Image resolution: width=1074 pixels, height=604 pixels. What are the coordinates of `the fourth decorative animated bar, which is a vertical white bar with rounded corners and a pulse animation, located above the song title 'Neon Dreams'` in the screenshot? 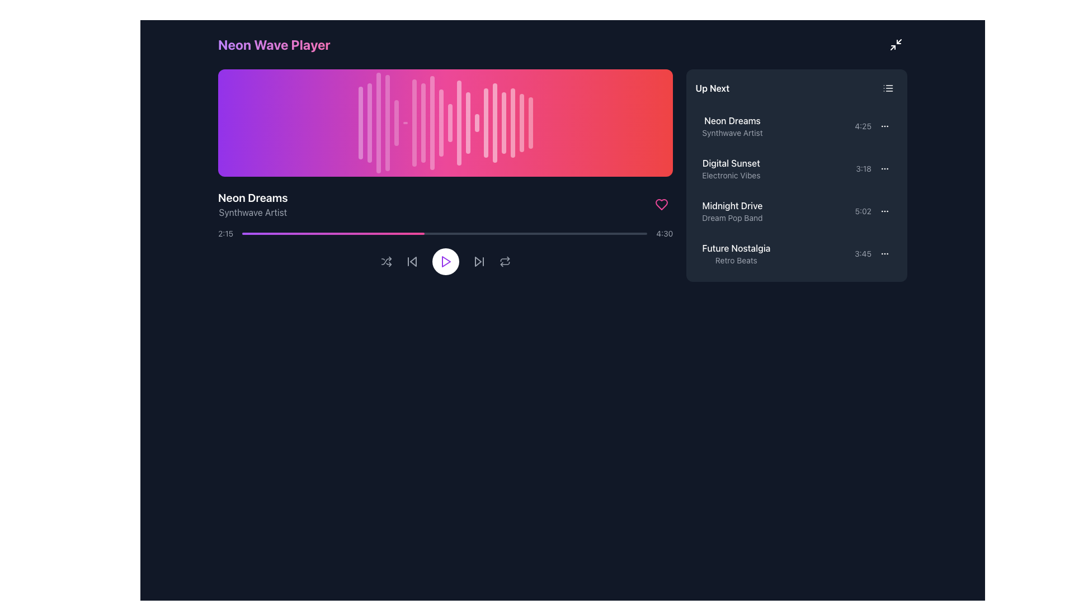 It's located at (387, 122).